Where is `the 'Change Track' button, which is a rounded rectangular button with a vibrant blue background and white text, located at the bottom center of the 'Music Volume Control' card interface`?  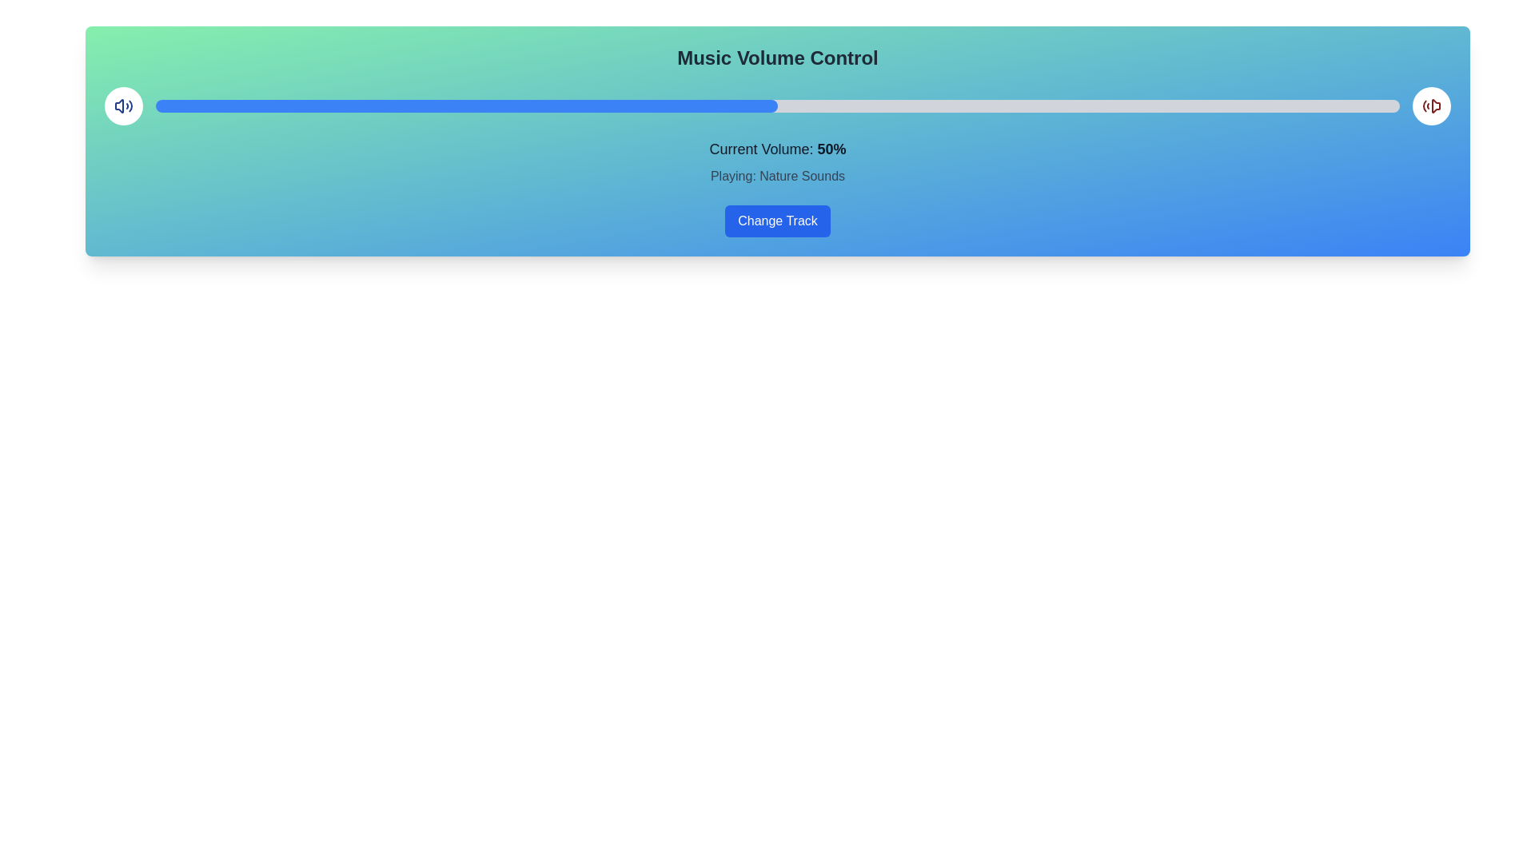
the 'Change Track' button, which is a rounded rectangular button with a vibrant blue background and white text, located at the bottom center of the 'Music Volume Control' card interface is located at coordinates (778, 221).